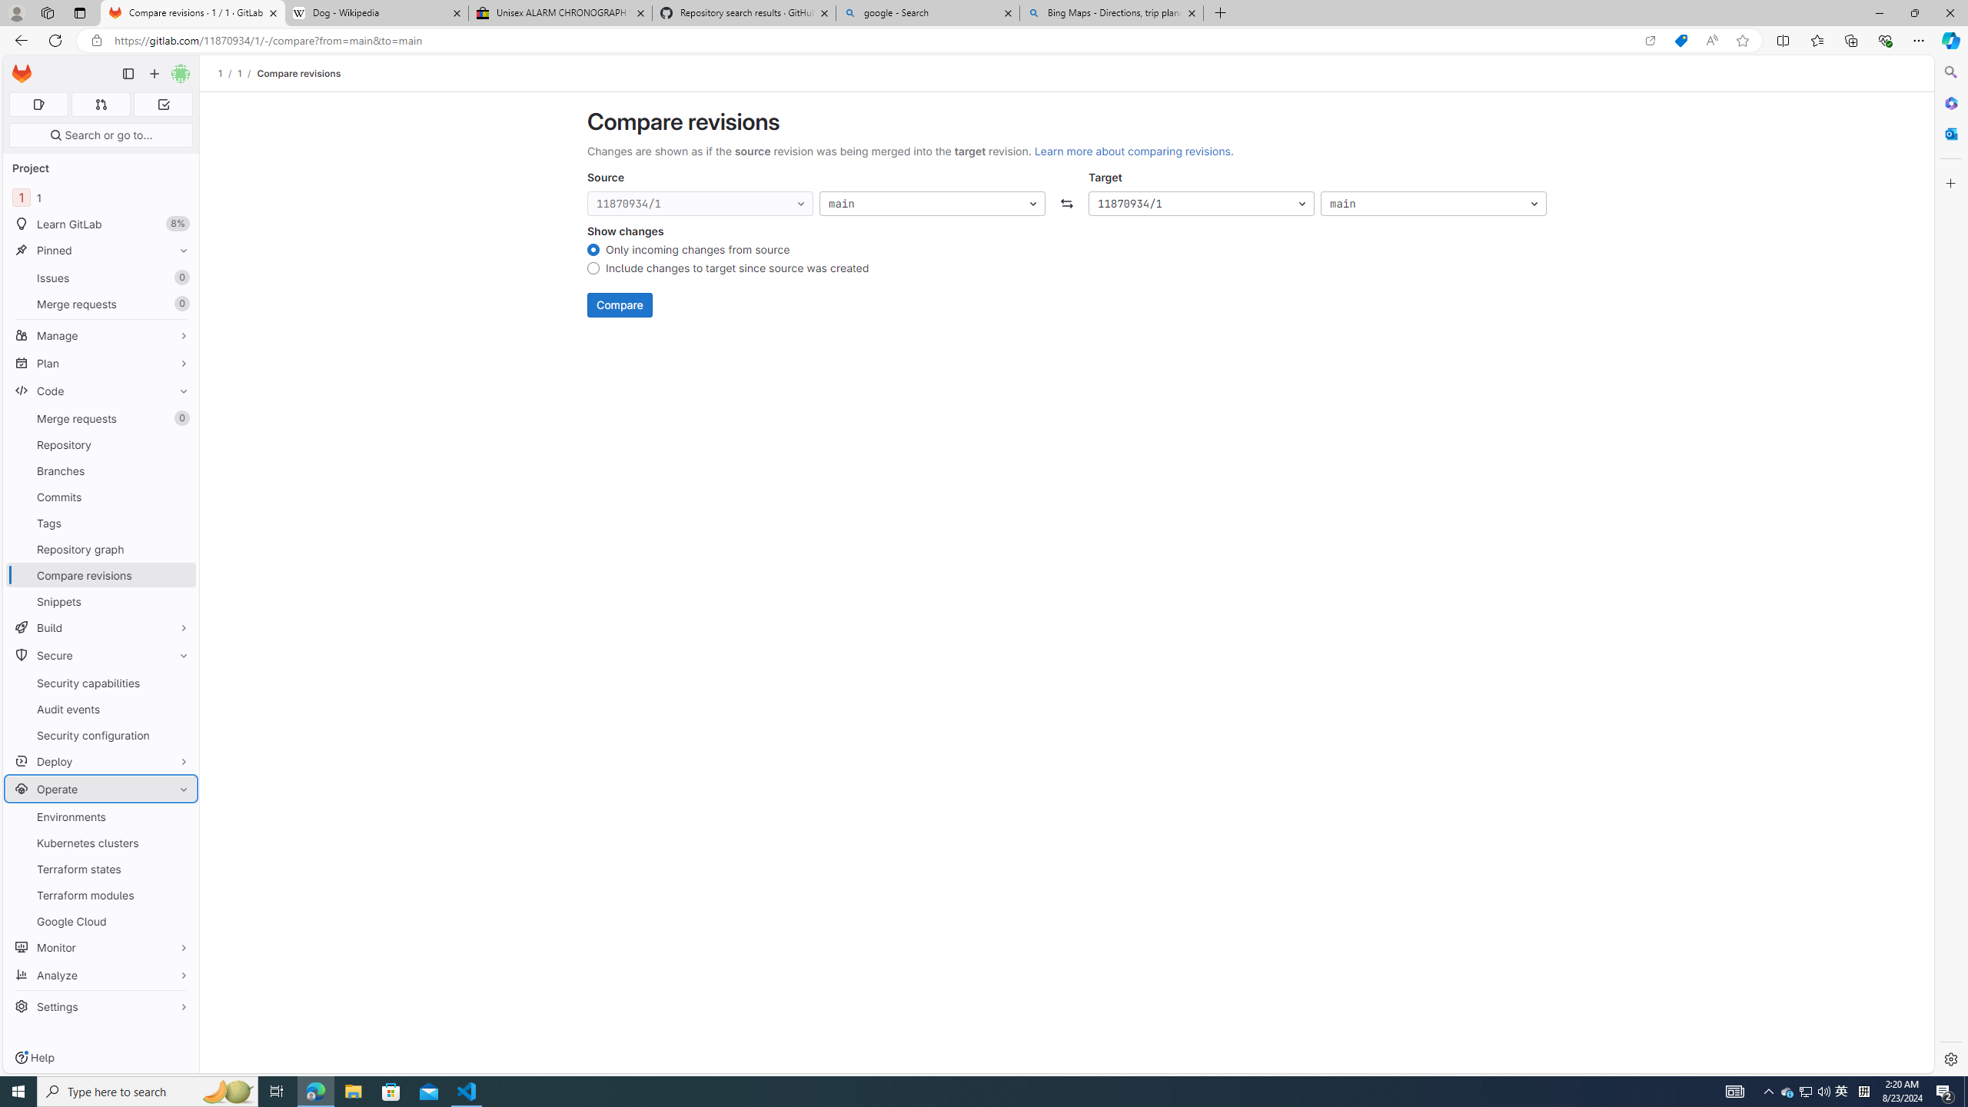 The width and height of the screenshot is (1968, 1107). What do you see at coordinates (100, 842) in the screenshot?
I see `'Kubernetes clusters'` at bounding box center [100, 842].